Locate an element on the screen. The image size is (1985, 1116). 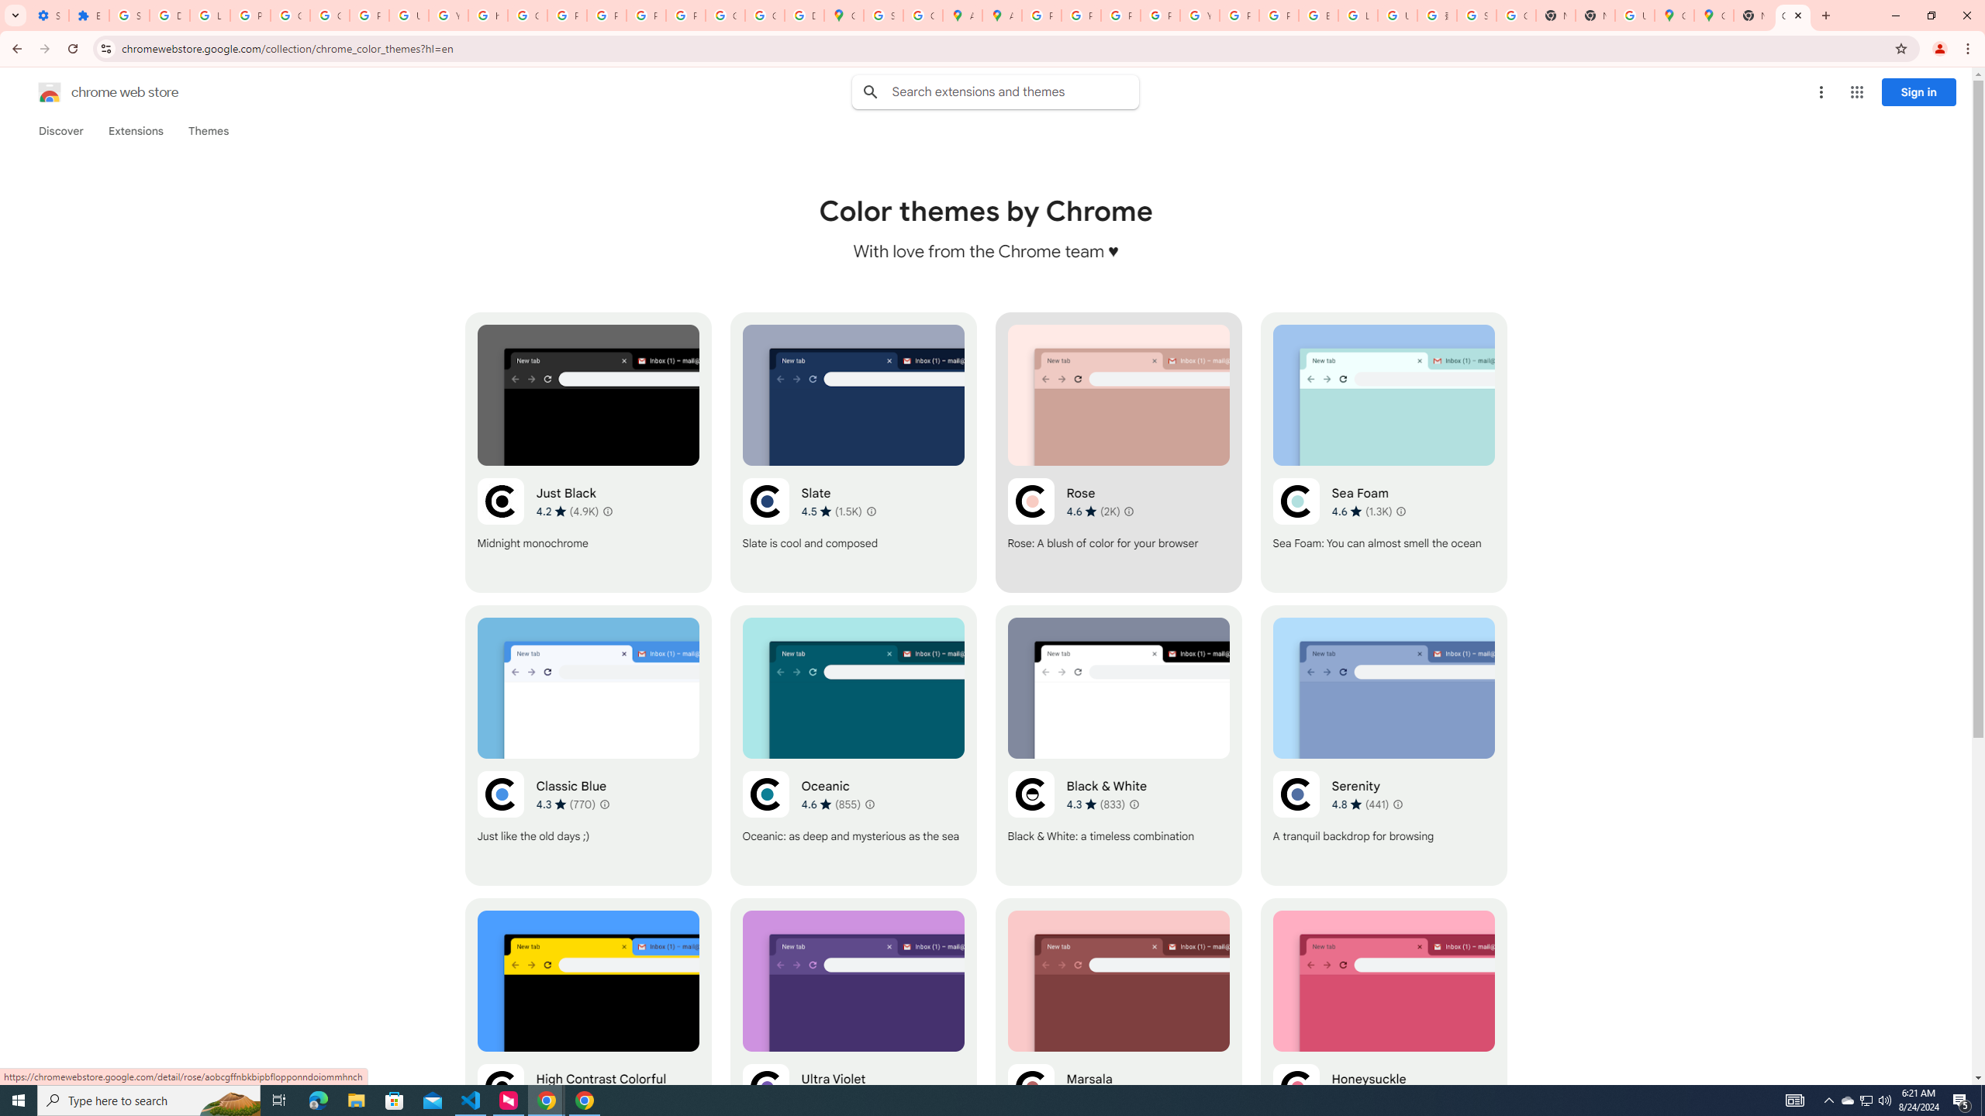
'Privacy Help Center - Policies Help' is located at coordinates (1120, 15).